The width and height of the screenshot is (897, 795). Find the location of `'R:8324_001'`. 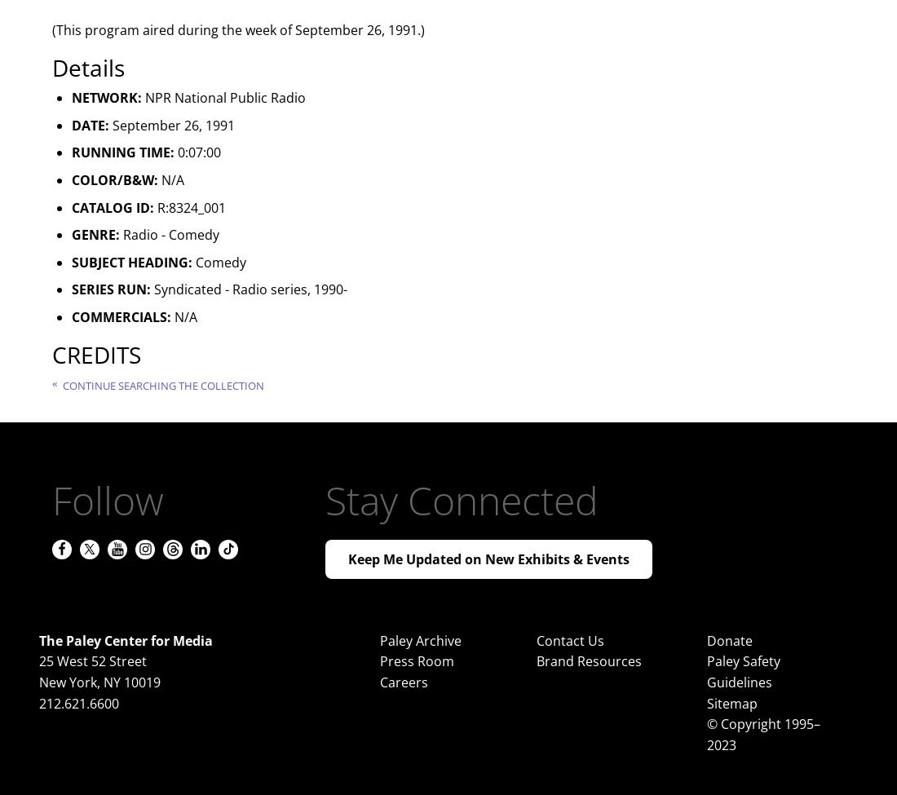

'R:8324_001' is located at coordinates (152, 206).